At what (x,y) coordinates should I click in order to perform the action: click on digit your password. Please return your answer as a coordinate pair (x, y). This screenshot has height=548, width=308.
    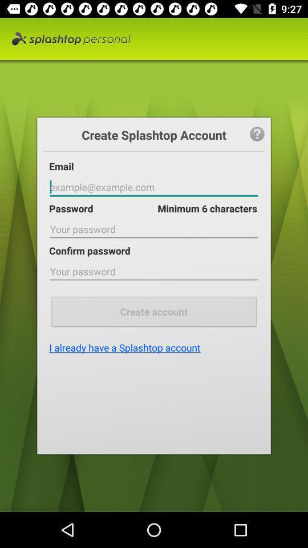
    Looking at the image, I should click on (154, 229).